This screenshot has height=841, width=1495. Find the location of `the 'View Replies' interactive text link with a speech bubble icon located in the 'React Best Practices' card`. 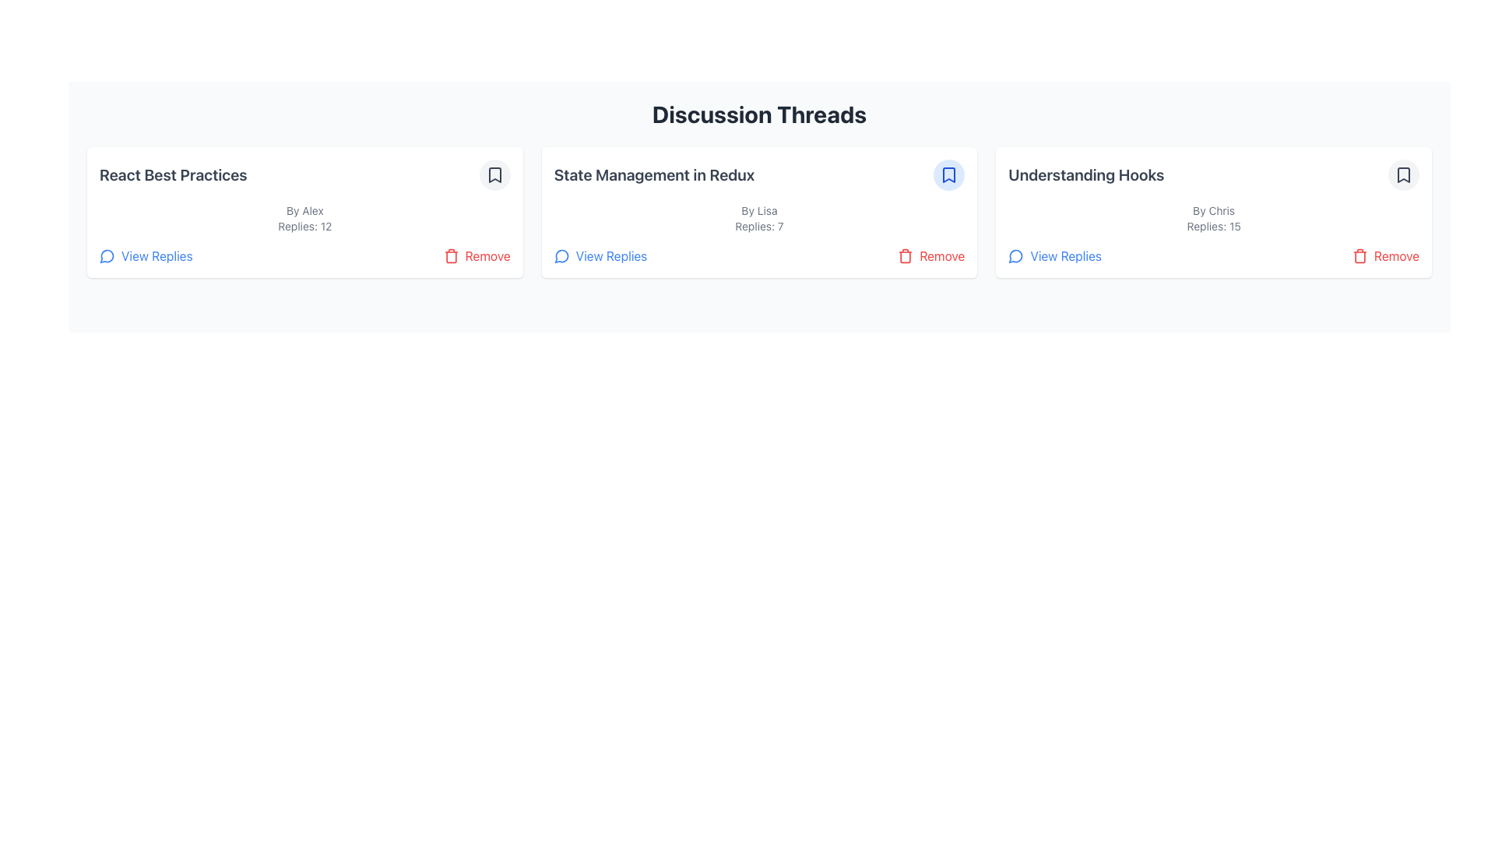

the 'View Replies' interactive text link with a speech bubble icon located in the 'React Best Practices' card is located at coordinates (146, 255).